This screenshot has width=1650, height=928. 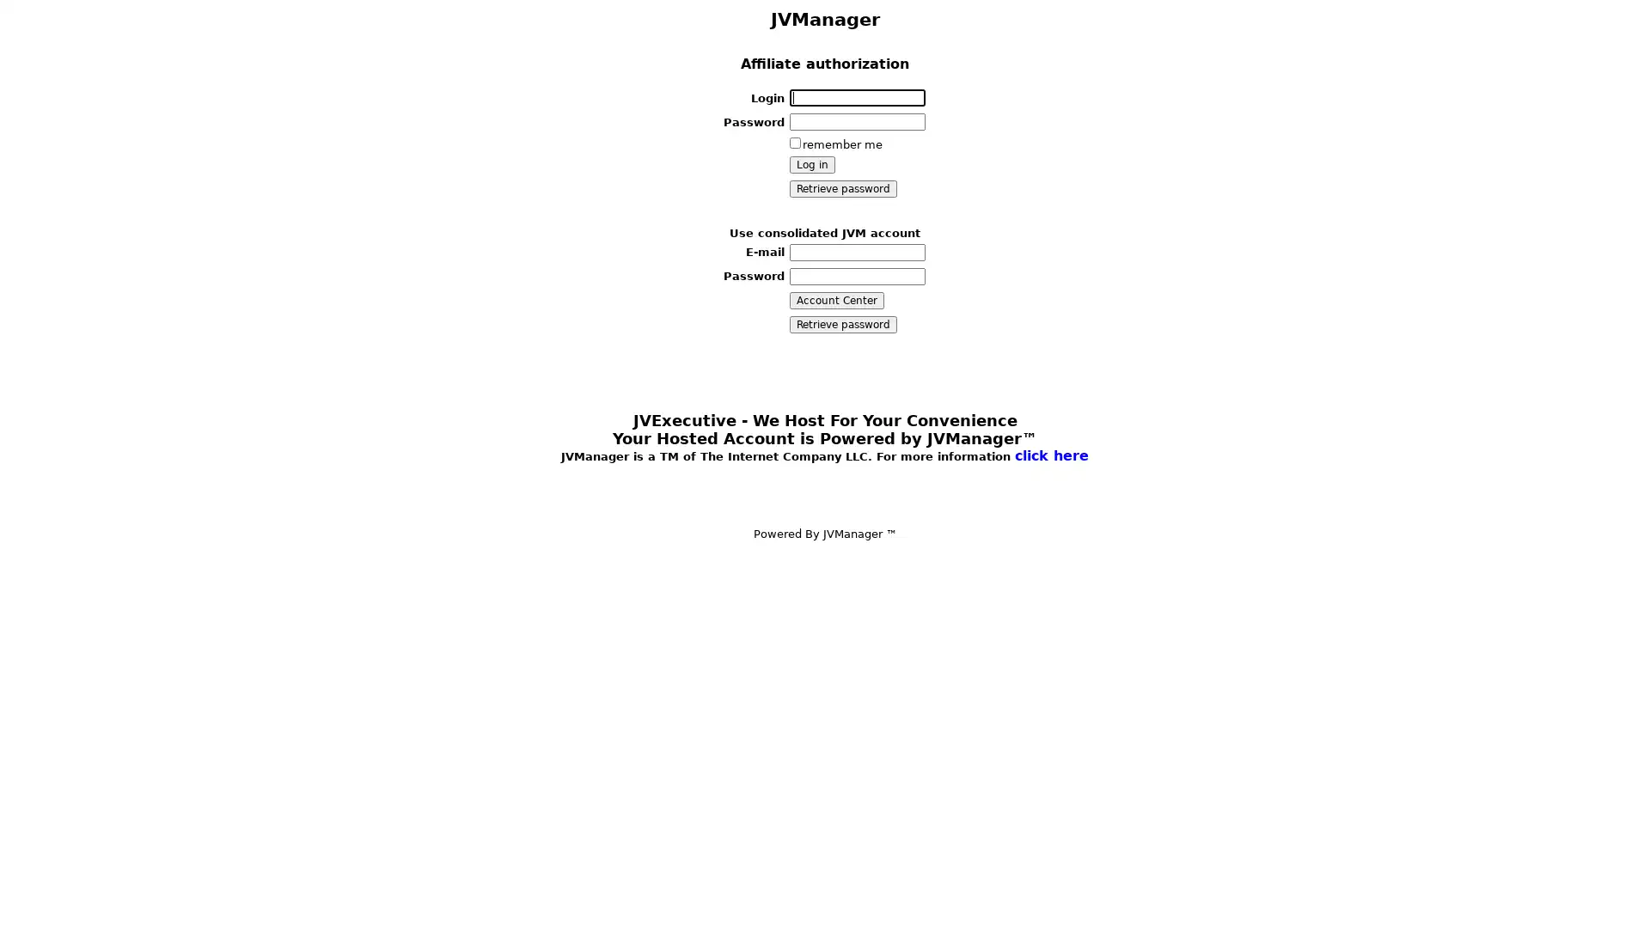 What do you see at coordinates (842, 324) in the screenshot?
I see `Retrieve password` at bounding box center [842, 324].